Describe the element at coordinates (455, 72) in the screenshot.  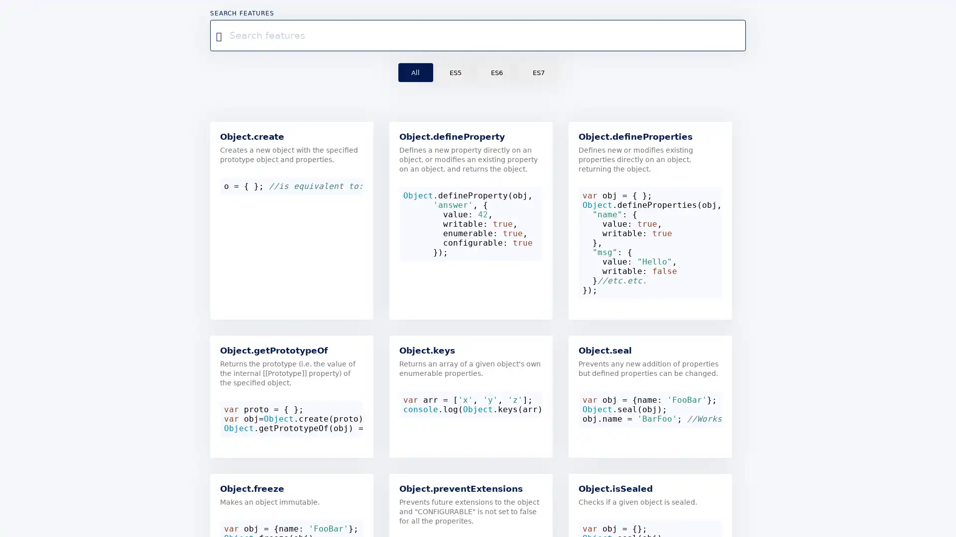
I see `ES5` at that location.